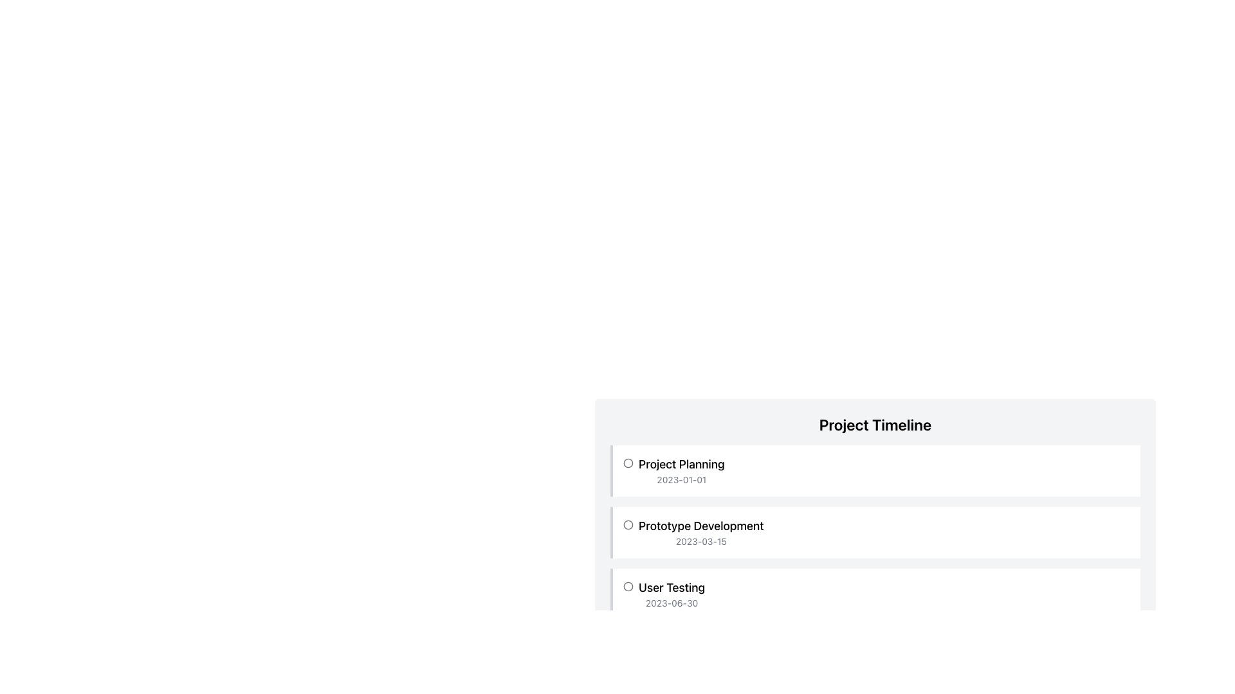  What do you see at coordinates (628, 470) in the screenshot?
I see `the small circular icon with a gray outline located next to the 'Project Planning' text in the 'Project Timeline' list` at bounding box center [628, 470].